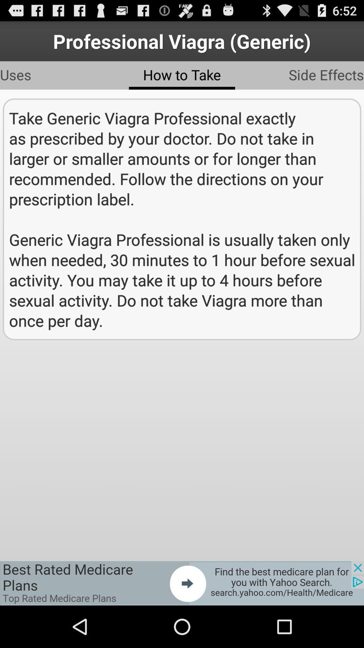 The width and height of the screenshot is (364, 648). What do you see at coordinates (182, 583) in the screenshot?
I see `open advertisement` at bounding box center [182, 583].